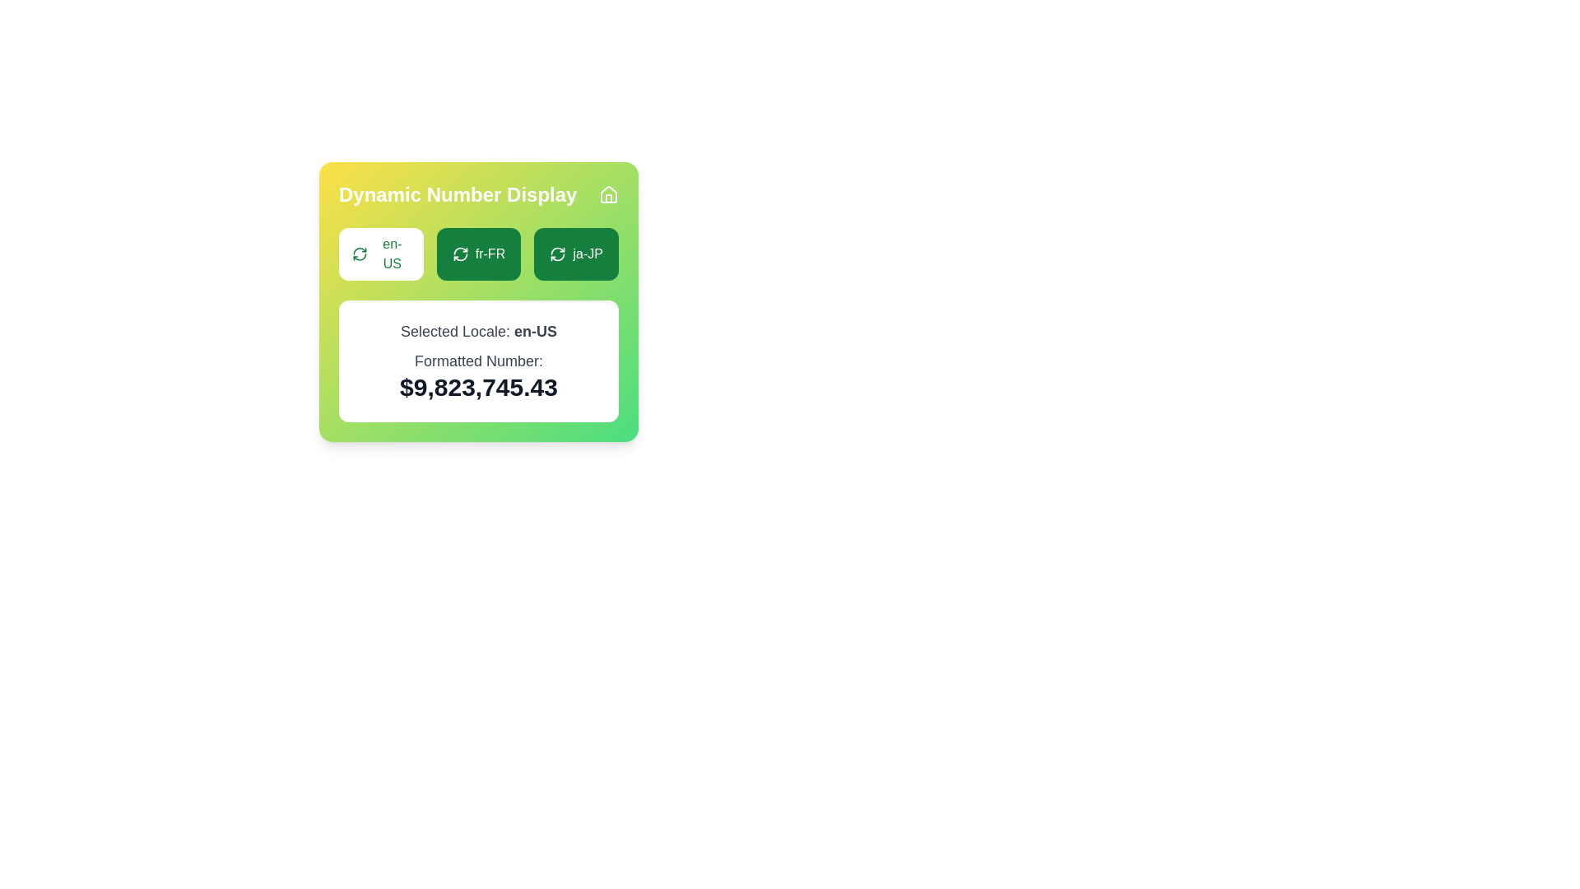 The width and height of the screenshot is (1580, 889). Describe the element at coordinates (576, 254) in the screenshot. I see `the button that selects the 'ja-JP' locale option` at that location.